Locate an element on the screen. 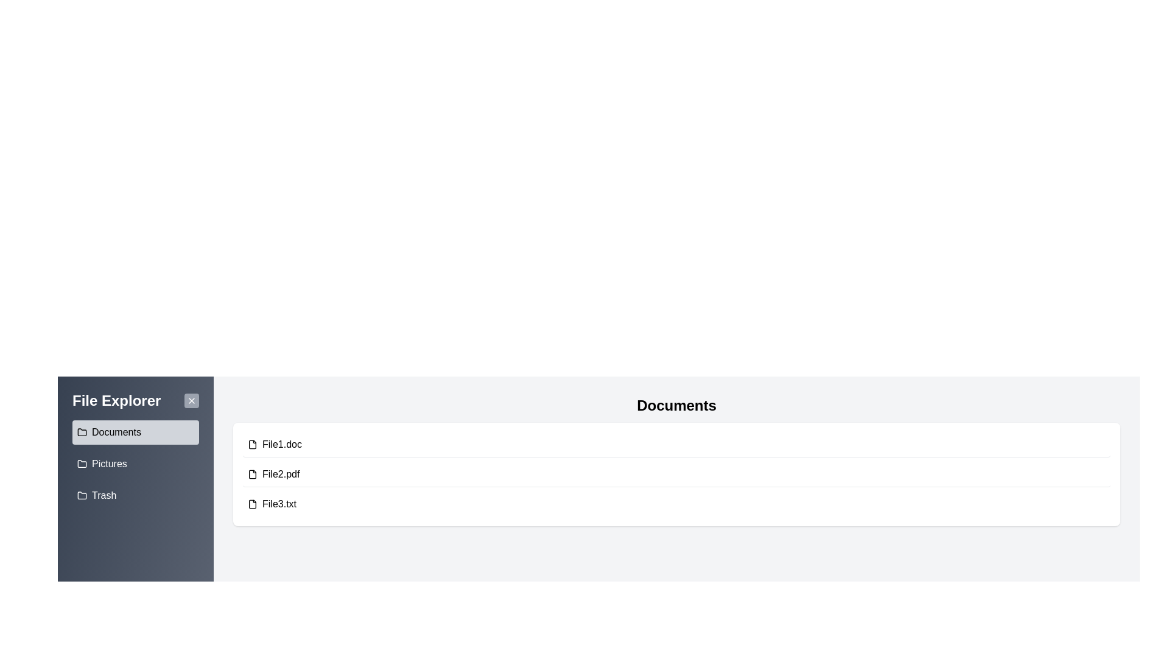 This screenshot has width=1169, height=657. the file File2.pdf to highlight it is located at coordinates (676, 474).